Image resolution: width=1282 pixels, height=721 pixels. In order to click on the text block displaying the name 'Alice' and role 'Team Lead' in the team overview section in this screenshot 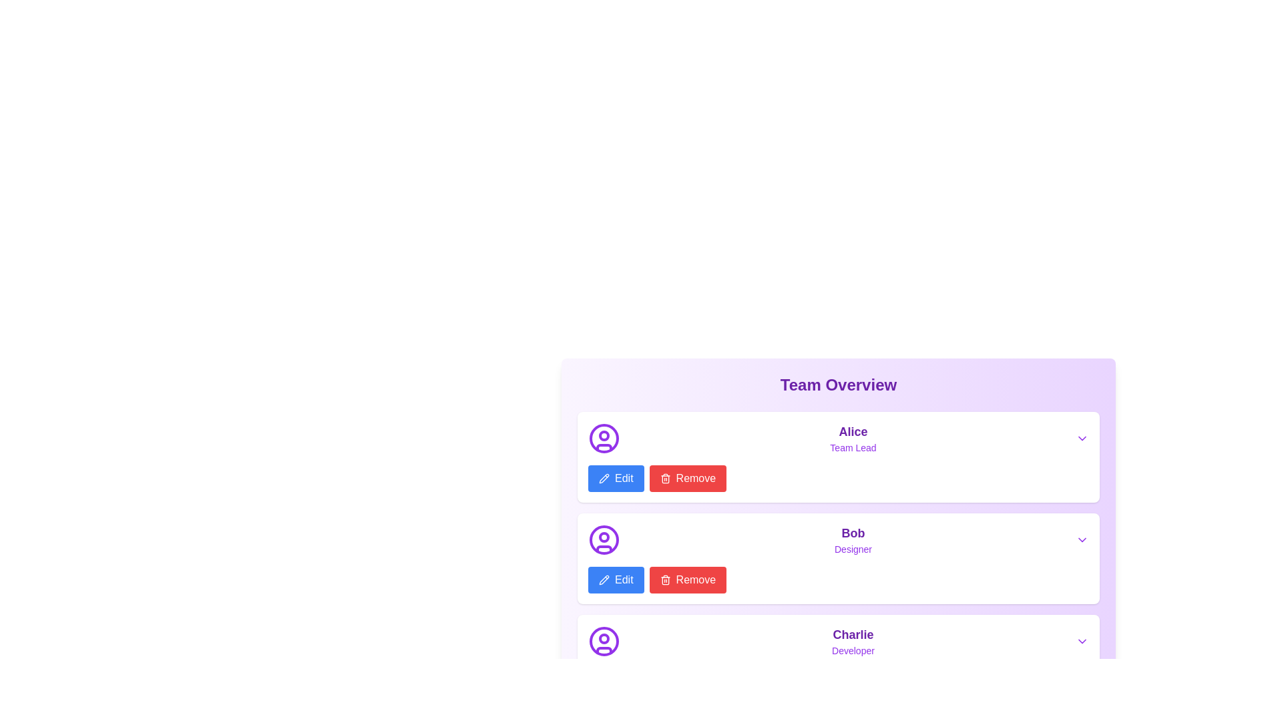, I will do `click(852, 438)`.